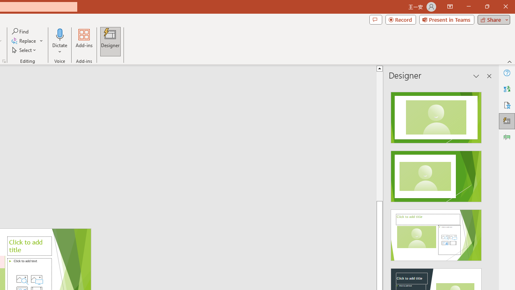  What do you see at coordinates (436, 115) in the screenshot?
I see `'Recommended Design: Design Idea'` at bounding box center [436, 115].